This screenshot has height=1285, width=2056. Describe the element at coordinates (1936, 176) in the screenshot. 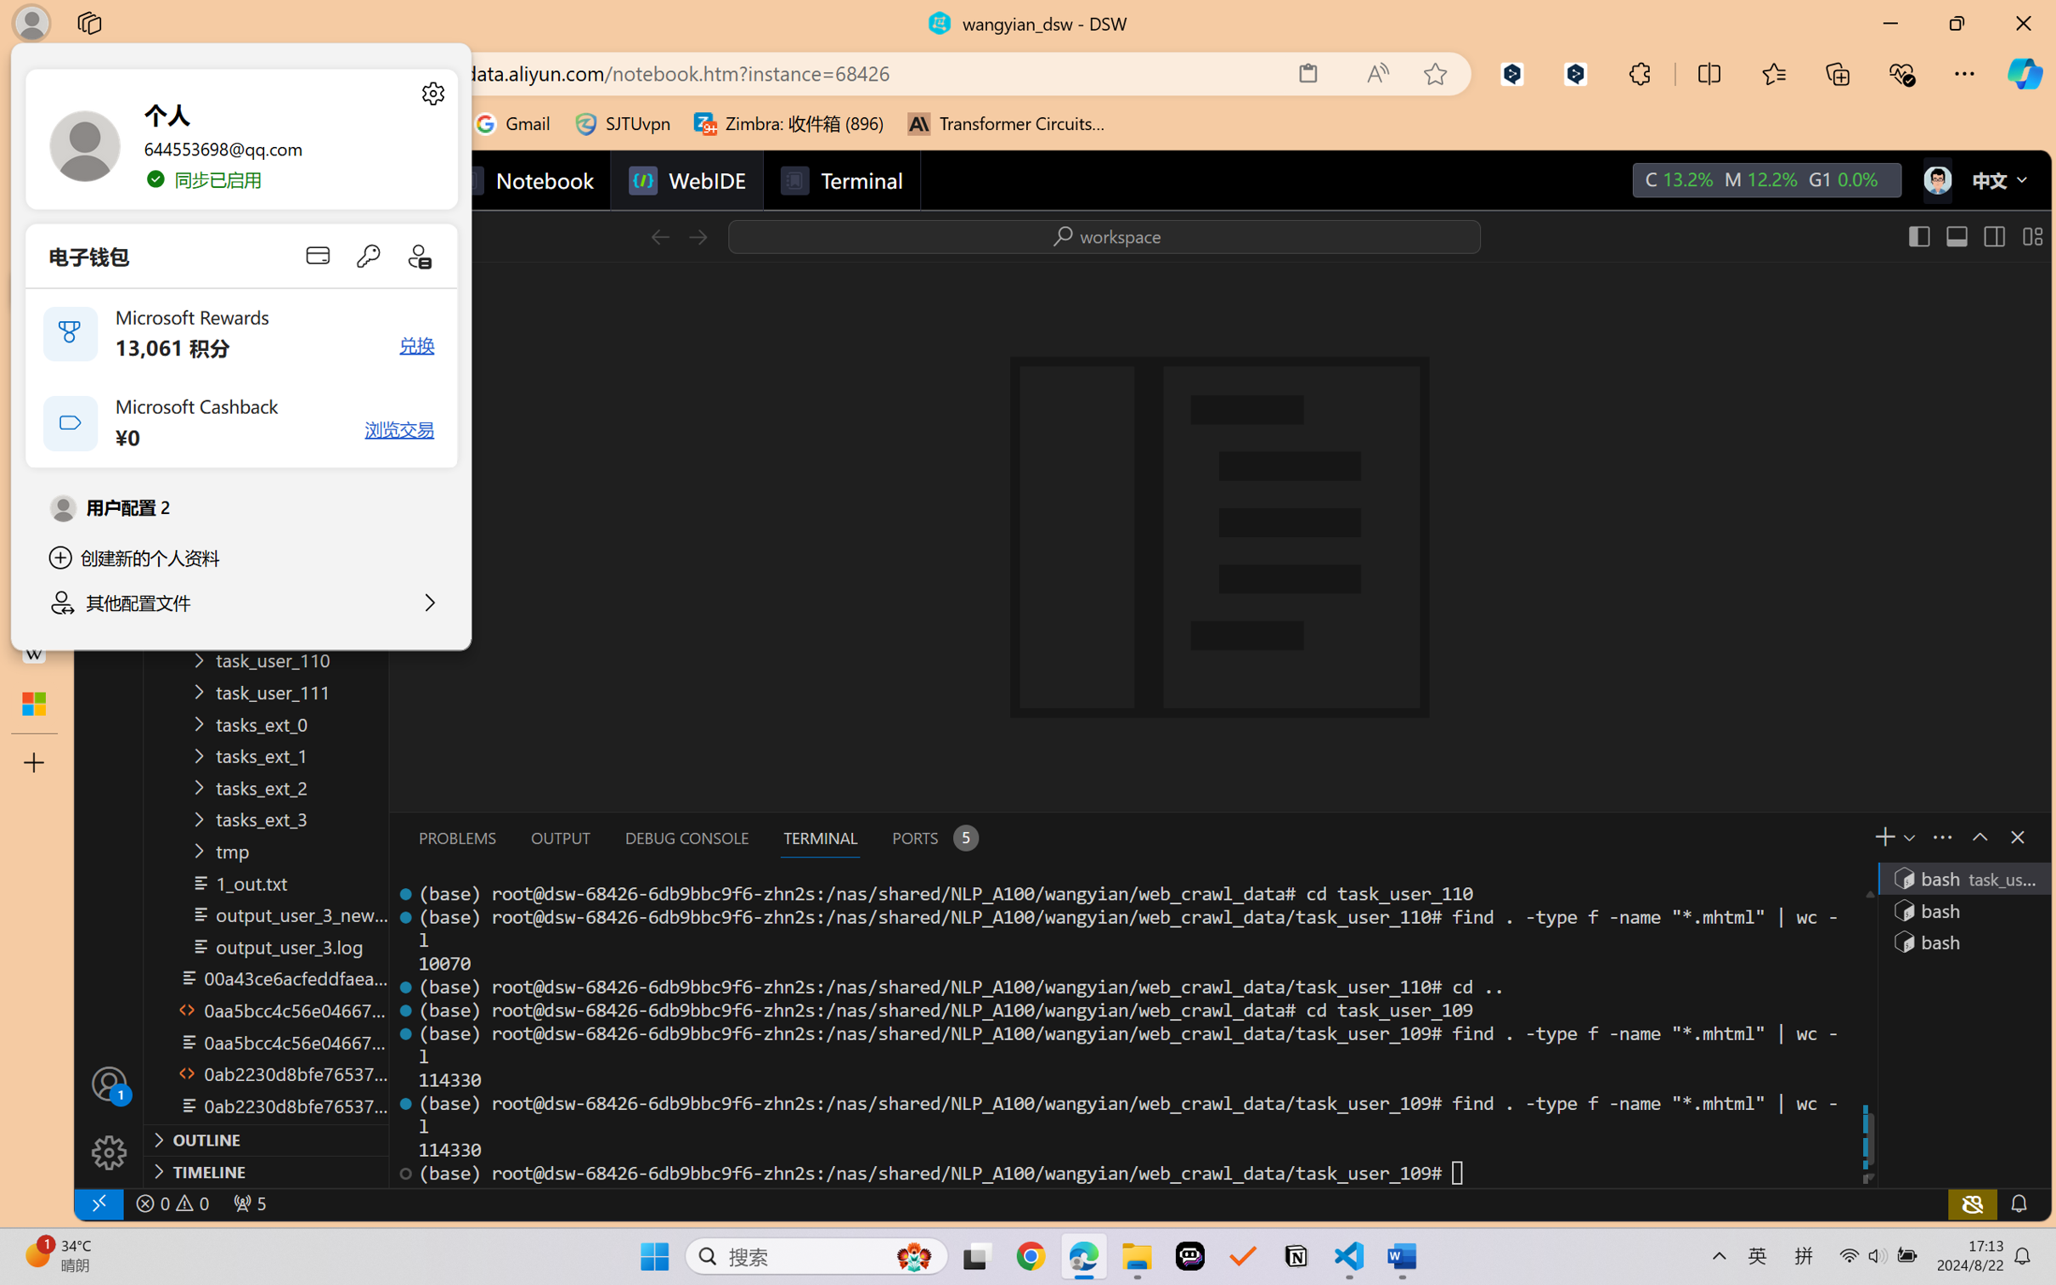

I see `'icon'` at that location.